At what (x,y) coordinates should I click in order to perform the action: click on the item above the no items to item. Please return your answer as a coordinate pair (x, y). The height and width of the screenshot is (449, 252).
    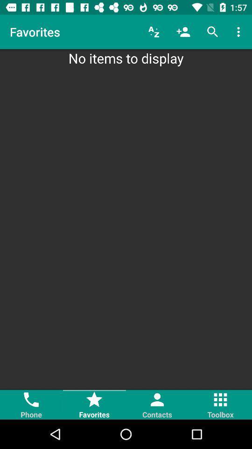
    Looking at the image, I should click on (183, 32).